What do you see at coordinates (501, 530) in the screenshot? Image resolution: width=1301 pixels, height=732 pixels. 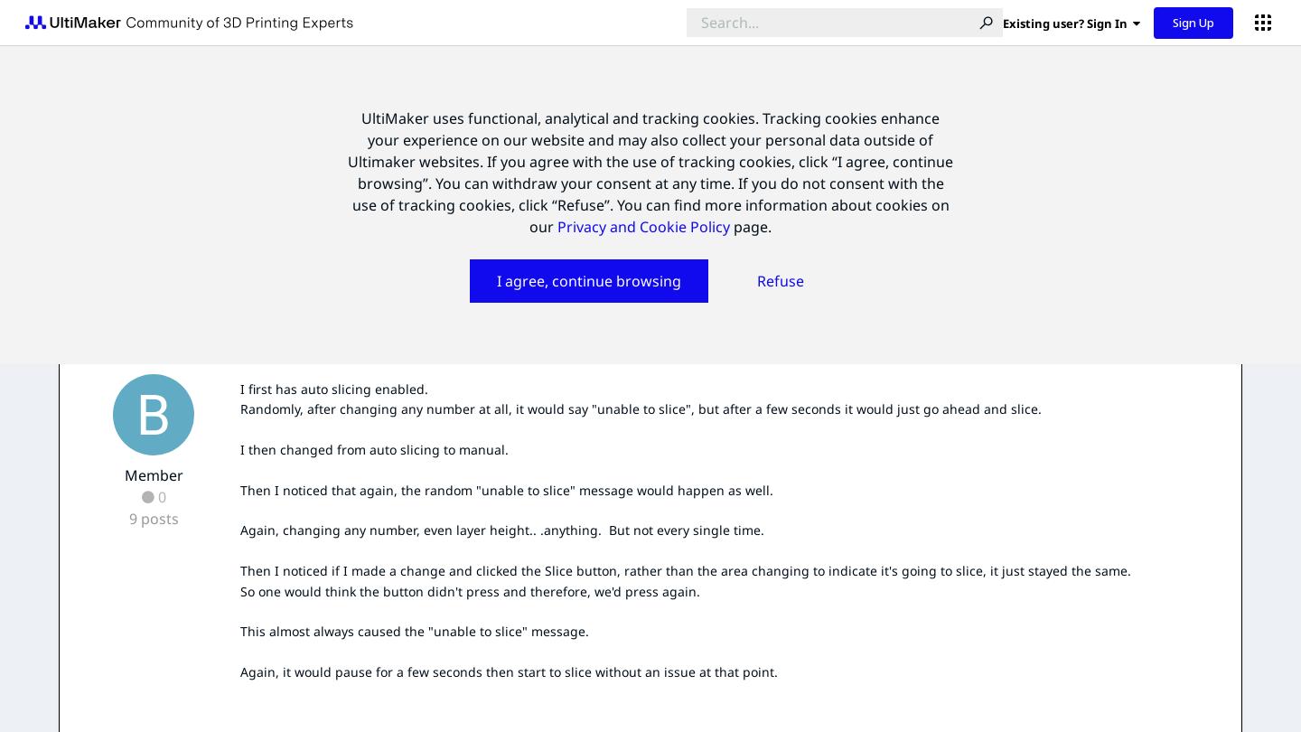 I see `'Again, changing any number, even layer height.. .anything.  But not every single time.'` at bounding box center [501, 530].